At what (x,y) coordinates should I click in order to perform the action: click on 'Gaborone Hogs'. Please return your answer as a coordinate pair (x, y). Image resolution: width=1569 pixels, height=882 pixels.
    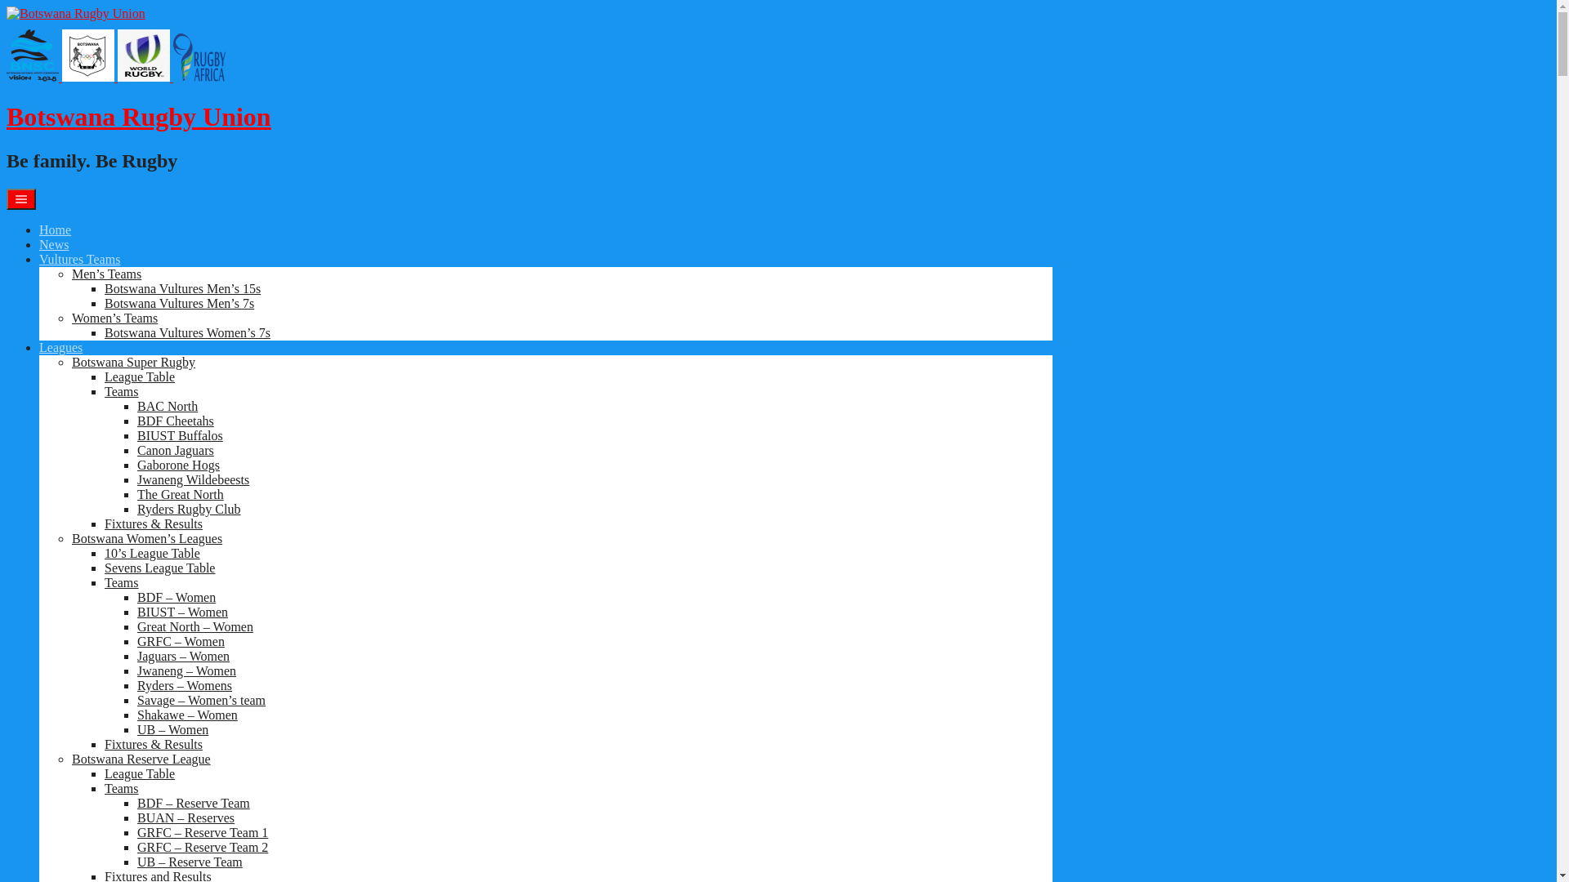
    Looking at the image, I should click on (178, 465).